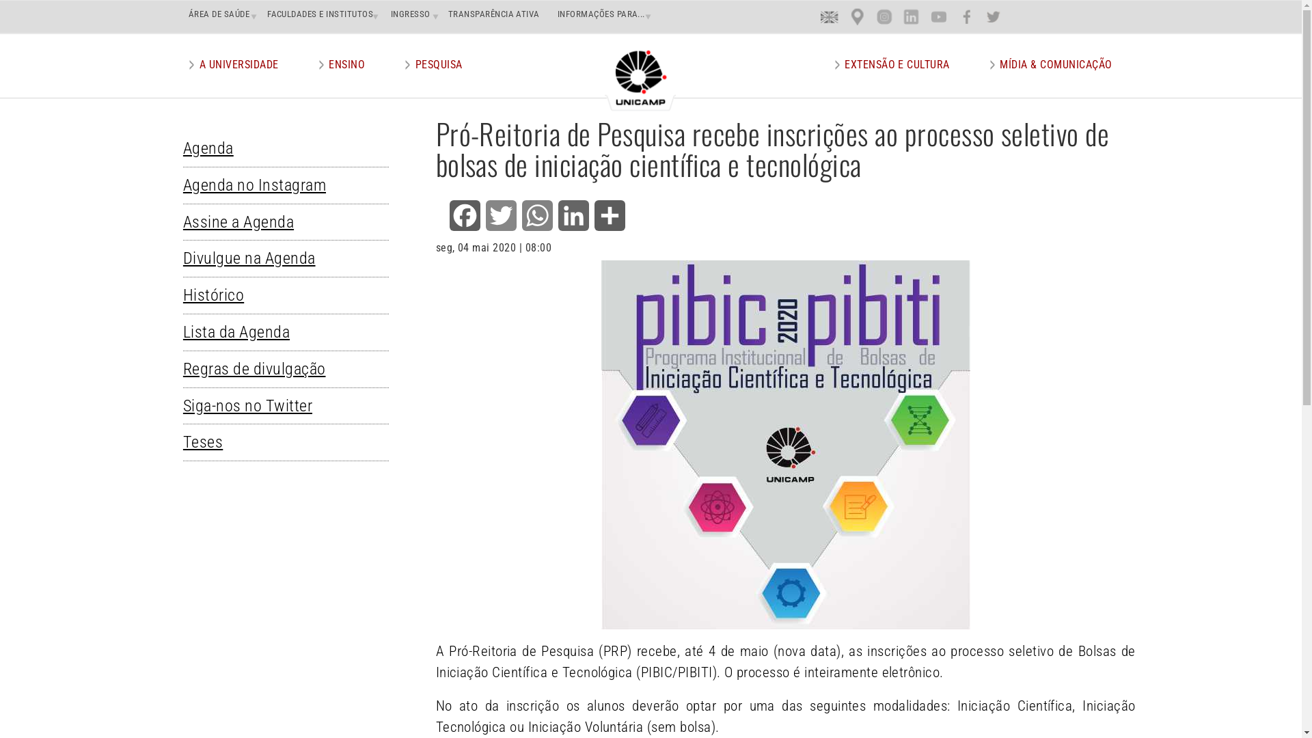 The image size is (1312, 738). I want to click on 'A UNIVERSIDADE', so click(239, 64).